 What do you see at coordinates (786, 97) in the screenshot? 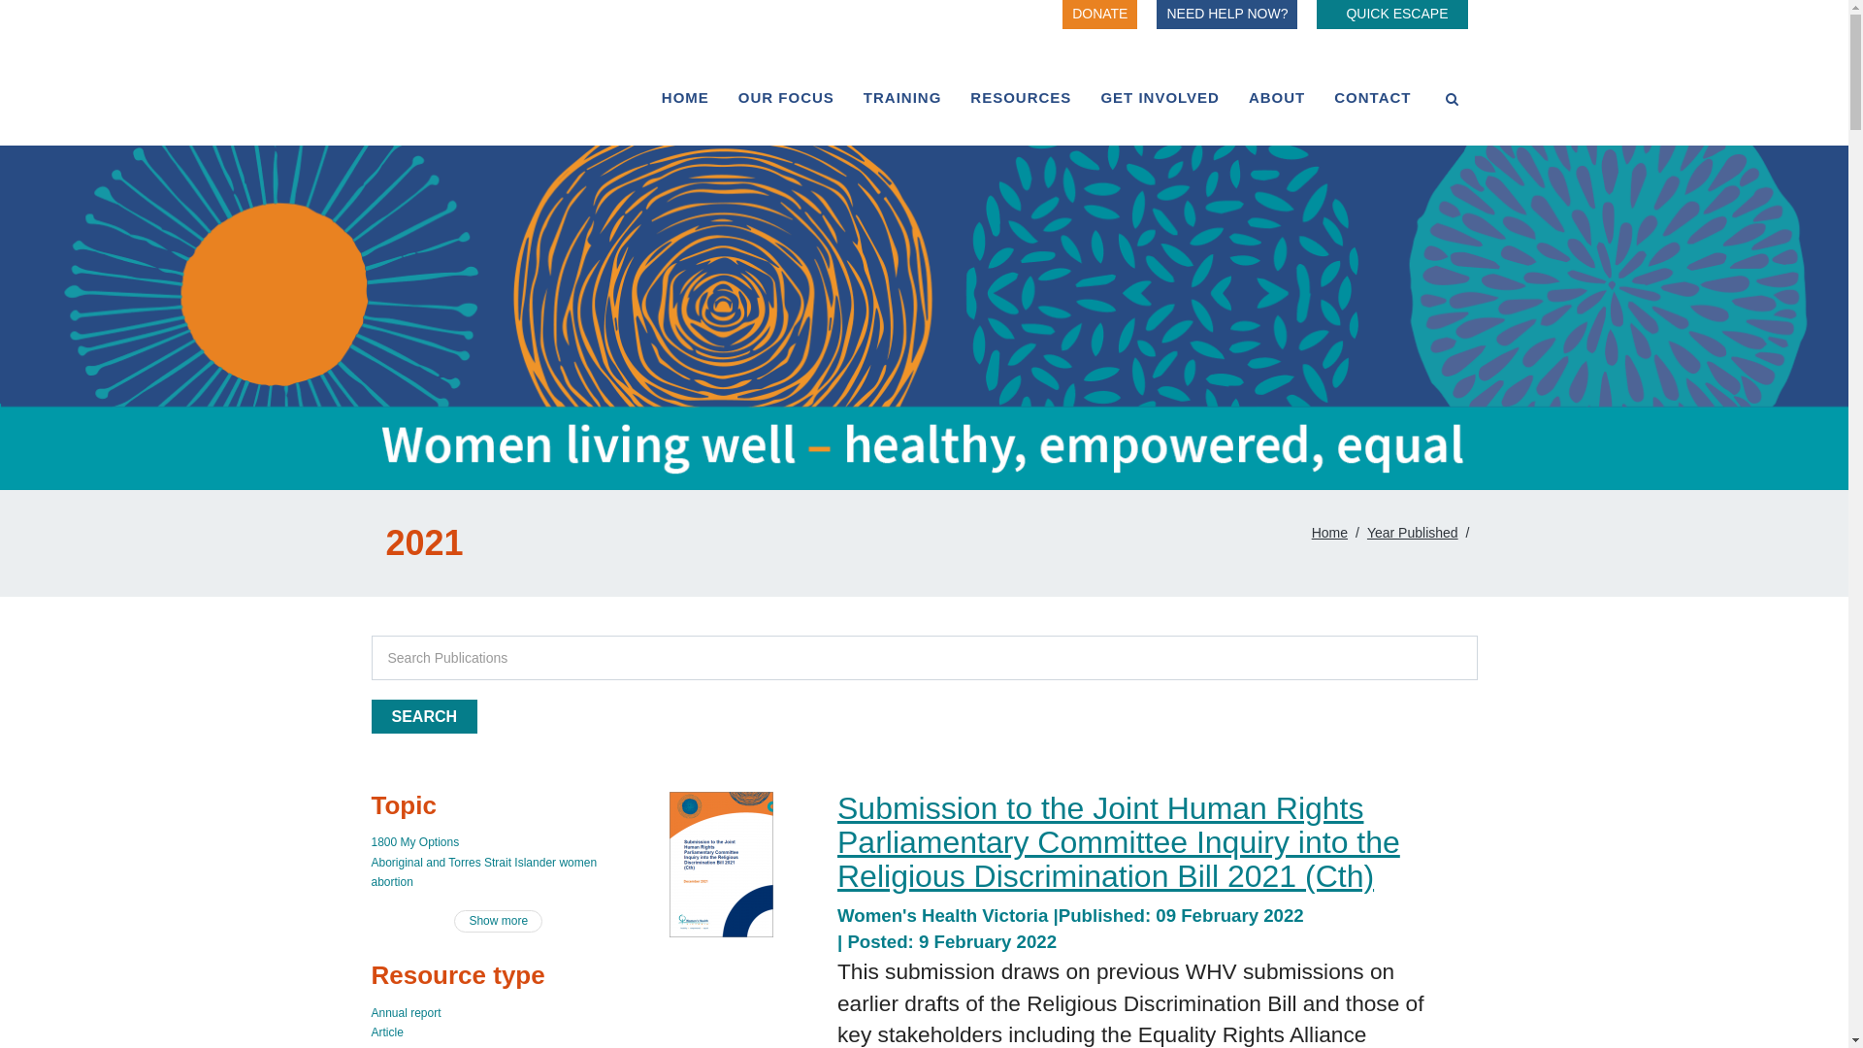
I see `'OUR FOCUS'` at bounding box center [786, 97].